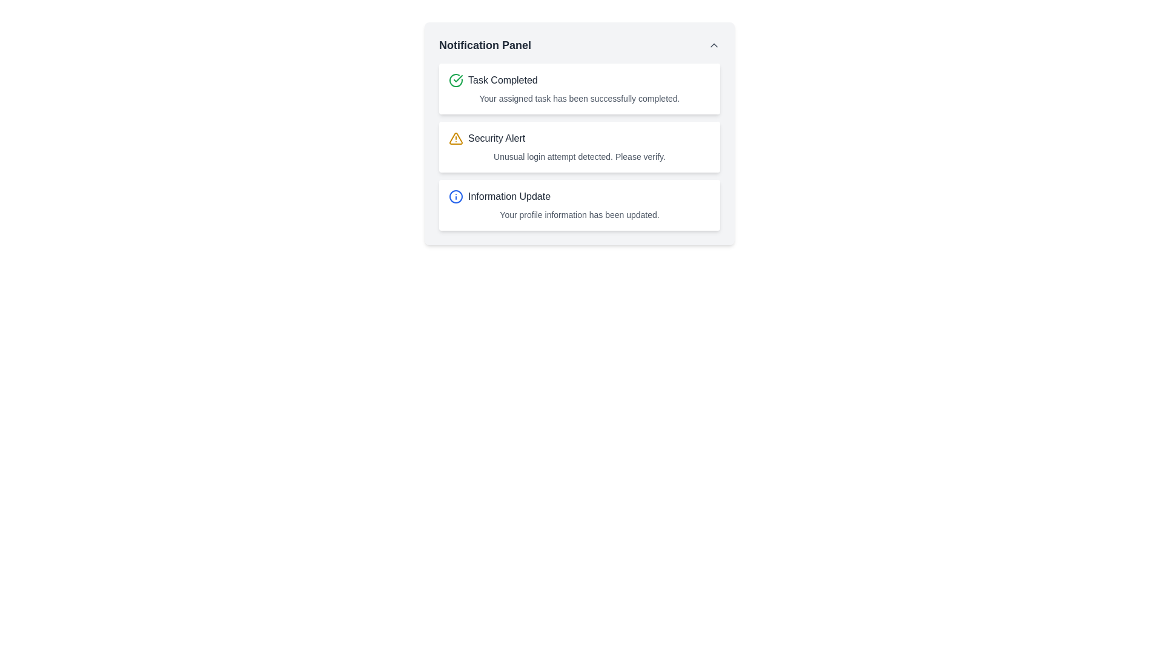  What do you see at coordinates (456, 137) in the screenshot?
I see `the visual alert symbol in the 'Security Alert' row of the notification panel to draw attention to a warning or important notification regarding security` at bounding box center [456, 137].